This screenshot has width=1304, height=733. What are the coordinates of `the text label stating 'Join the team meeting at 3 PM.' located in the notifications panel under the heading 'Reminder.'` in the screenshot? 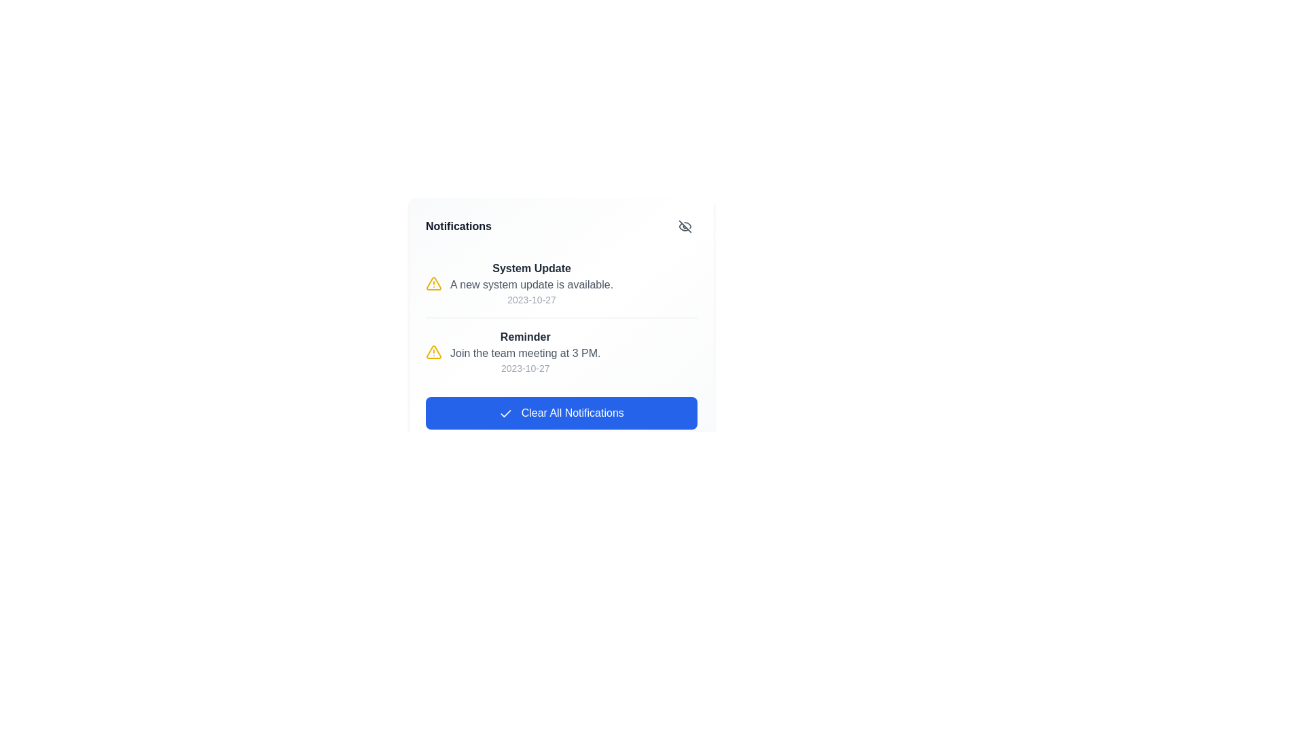 It's located at (524, 352).